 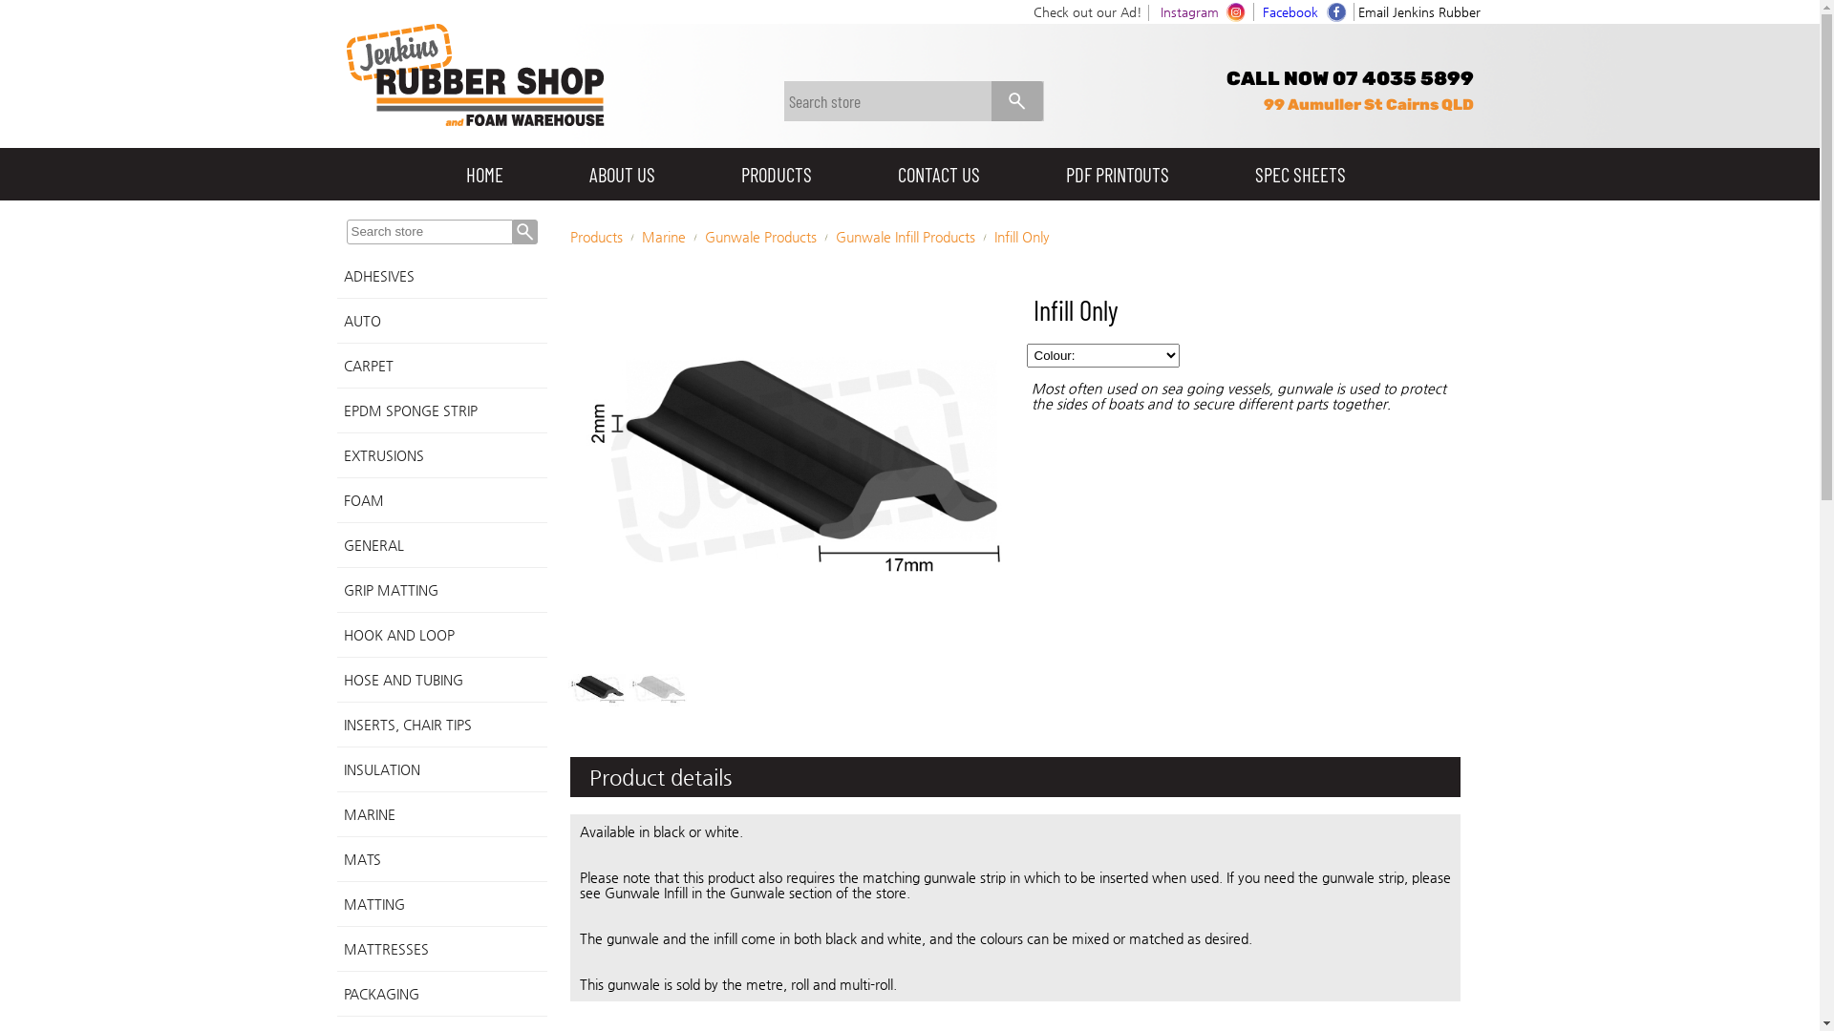 What do you see at coordinates (1187, 11) in the screenshot?
I see `'Instagram'` at bounding box center [1187, 11].